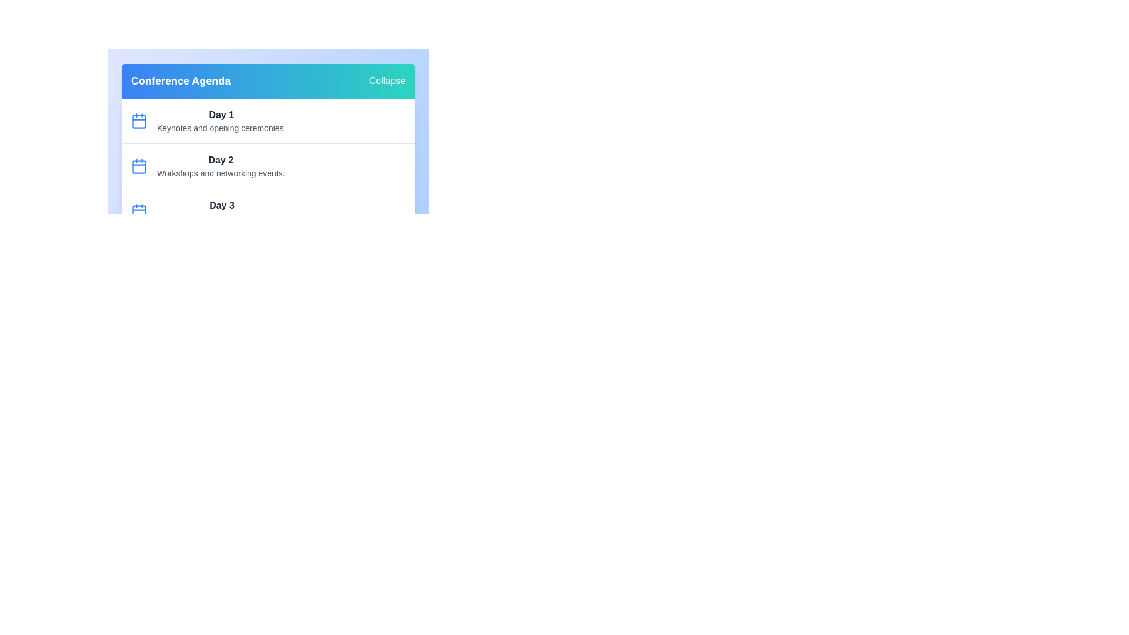  What do you see at coordinates (386, 81) in the screenshot?
I see `the 'Collapse' button to collapse the agenda details` at bounding box center [386, 81].